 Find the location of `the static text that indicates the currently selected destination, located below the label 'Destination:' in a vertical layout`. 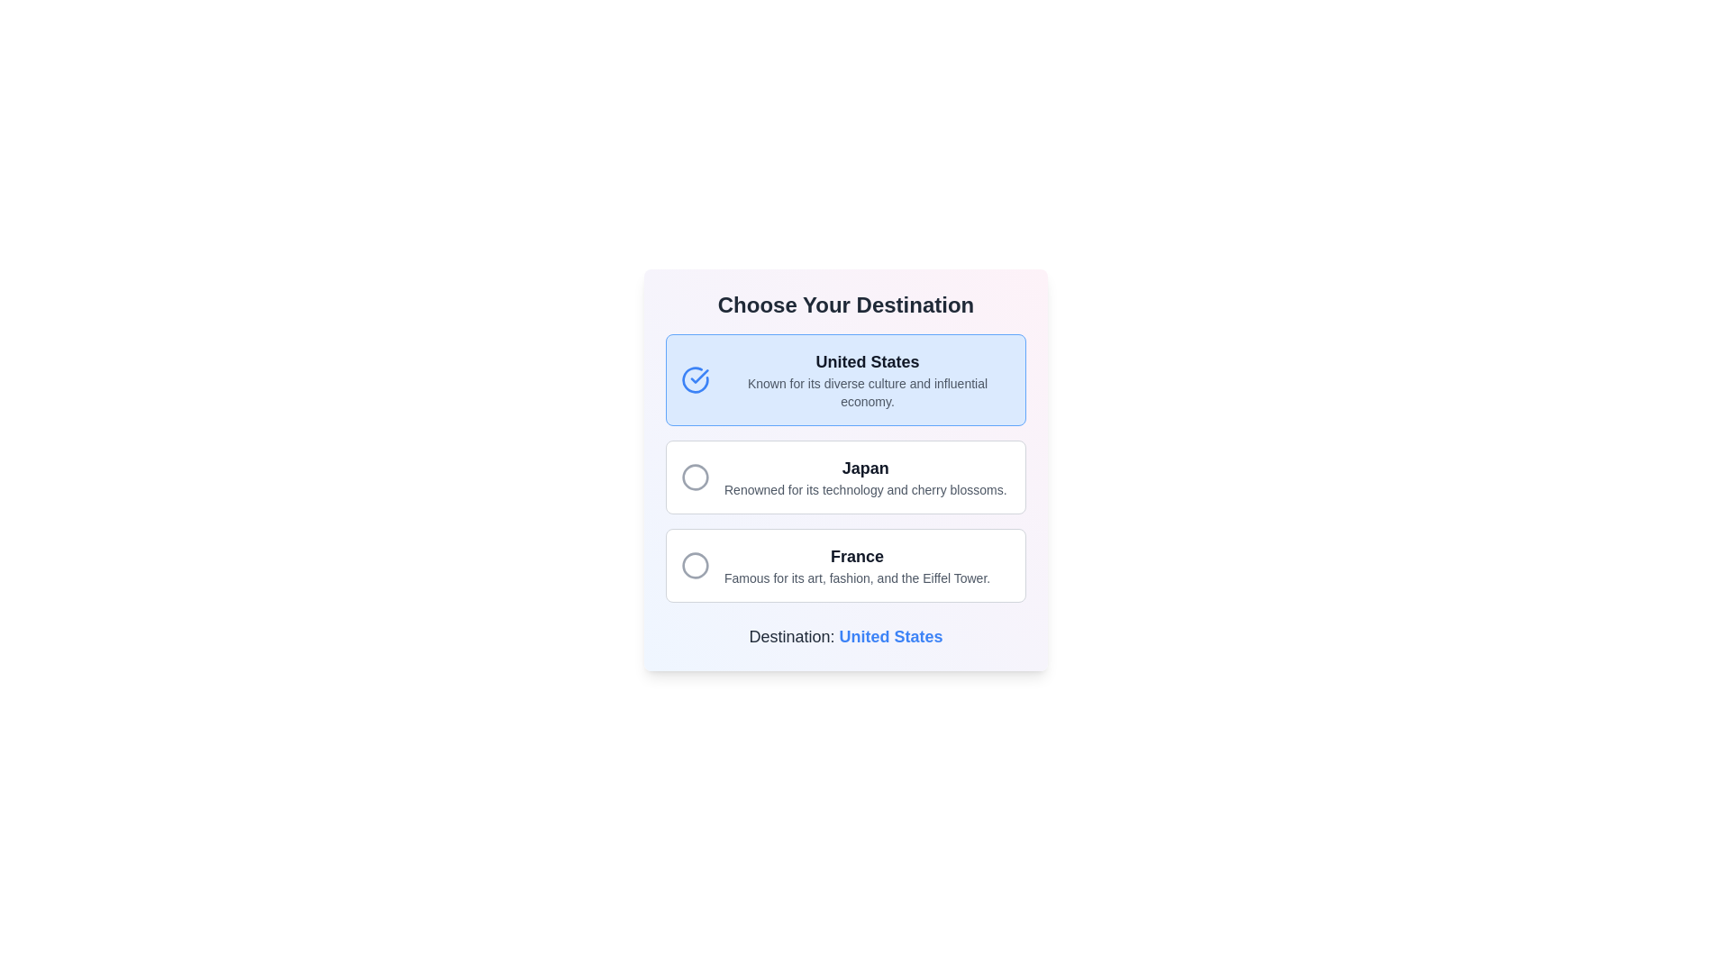

the static text that indicates the currently selected destination, located below the label 'Destination:' in a vertical layout is located at coordinates (890, 635).